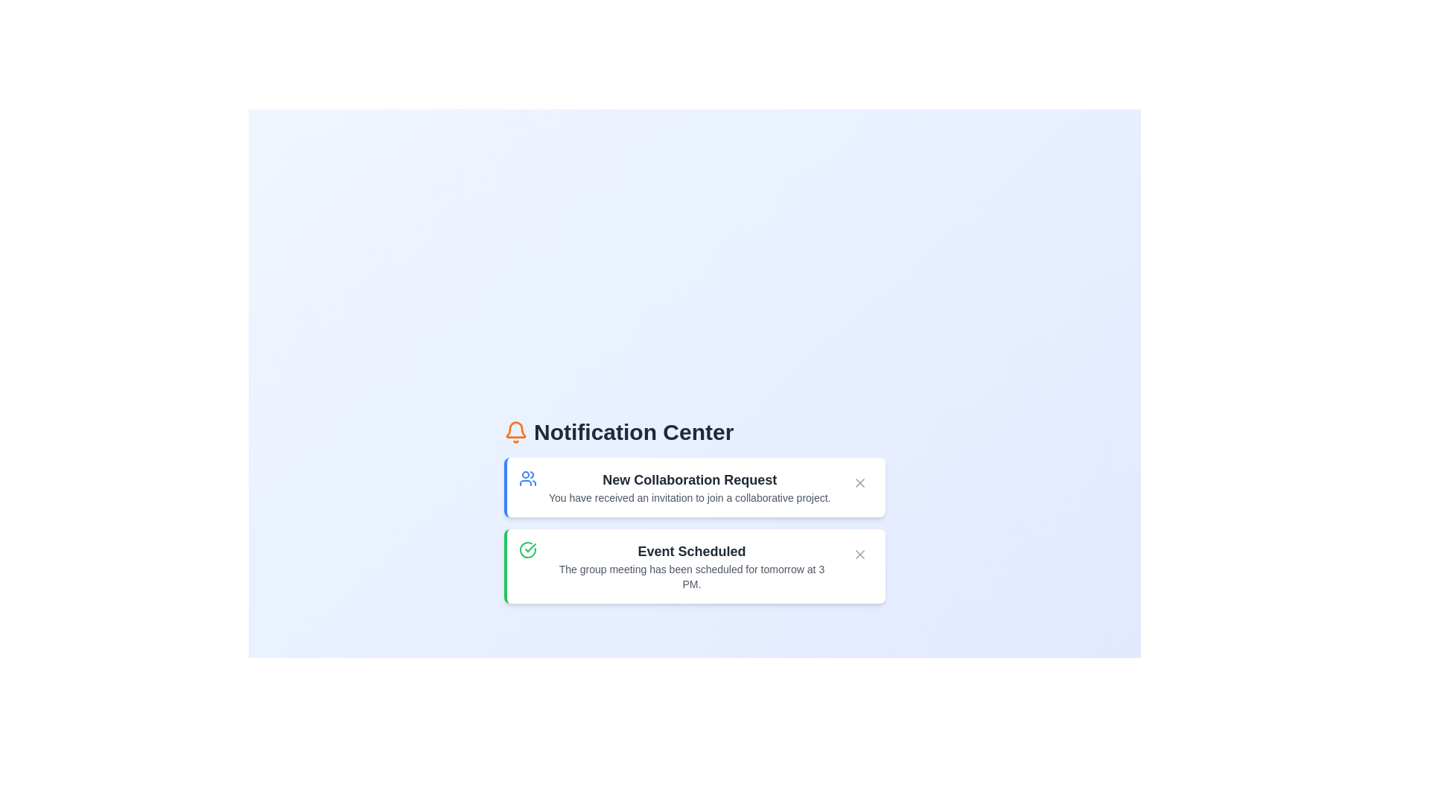 This screenshot has width=1430, height=804. Describe the element at coordinates (689, 479) in the screenshot. I see `the bold text label that reads 'New Collaboration Request' in dark gray color, which is part of the notification interface` at that location.